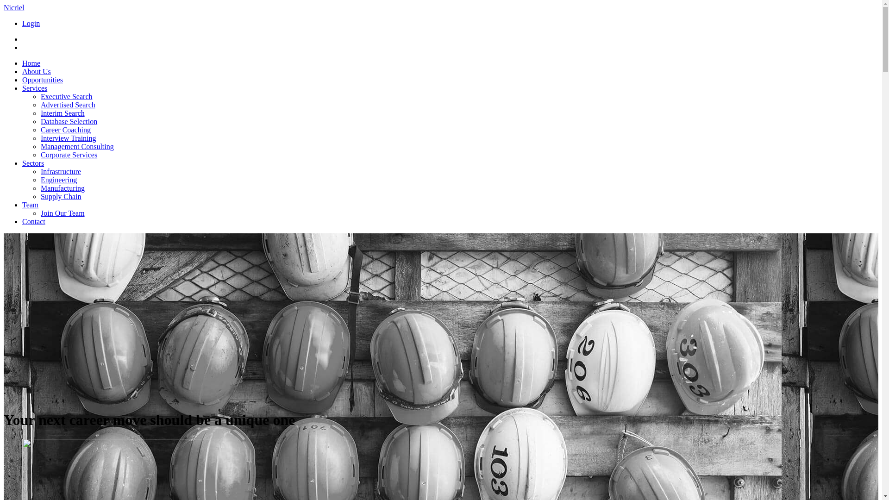  What do you see at coordinates (77, 146) in the screenshot?
I see `'Management Consulting'` at bounding box center [77, 146].